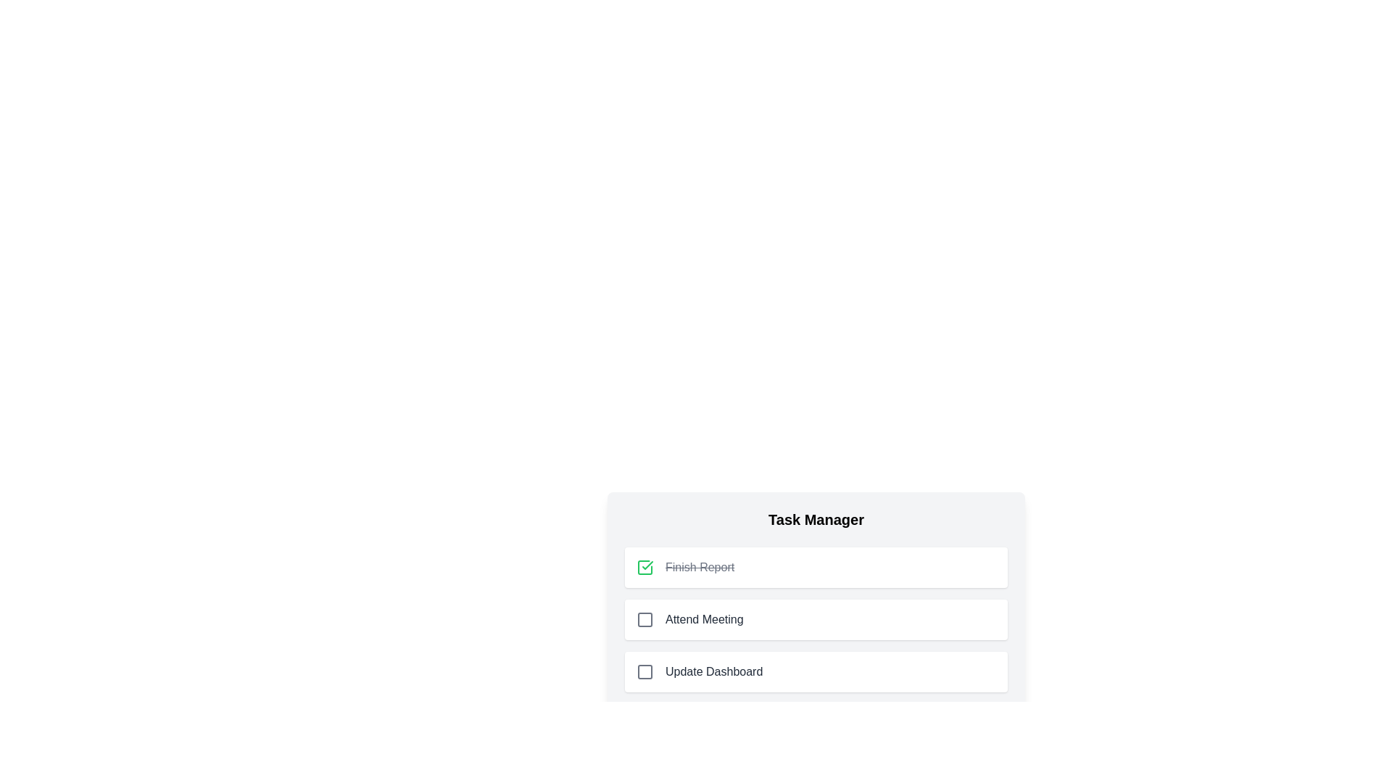 Image resolution: width=1392 pixels, height=783 pixels. I want to click on the checkbox with a green check mark that indicates a completed task, located before the label 'Finish Report', so click(644, 567).